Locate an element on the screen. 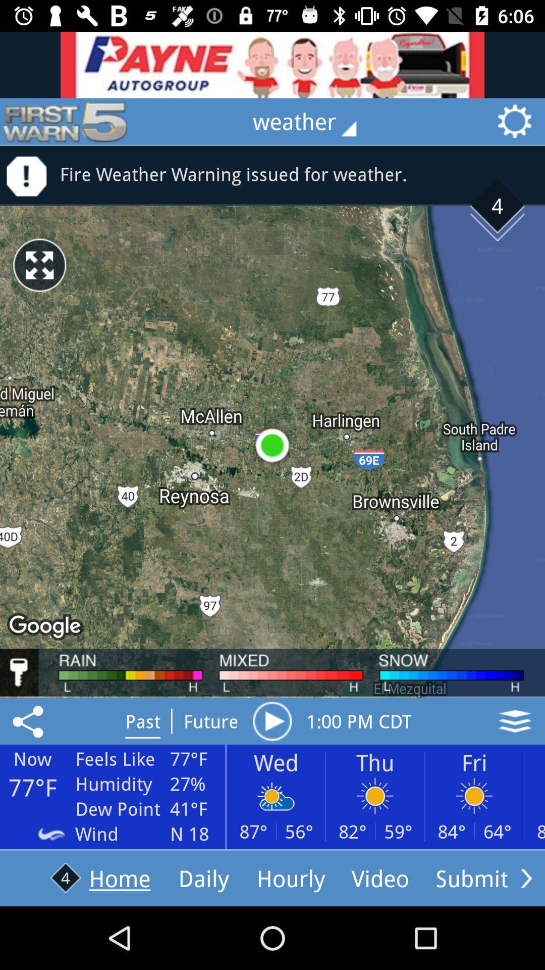  this button used to going forward is located at coordinates (526, 878).